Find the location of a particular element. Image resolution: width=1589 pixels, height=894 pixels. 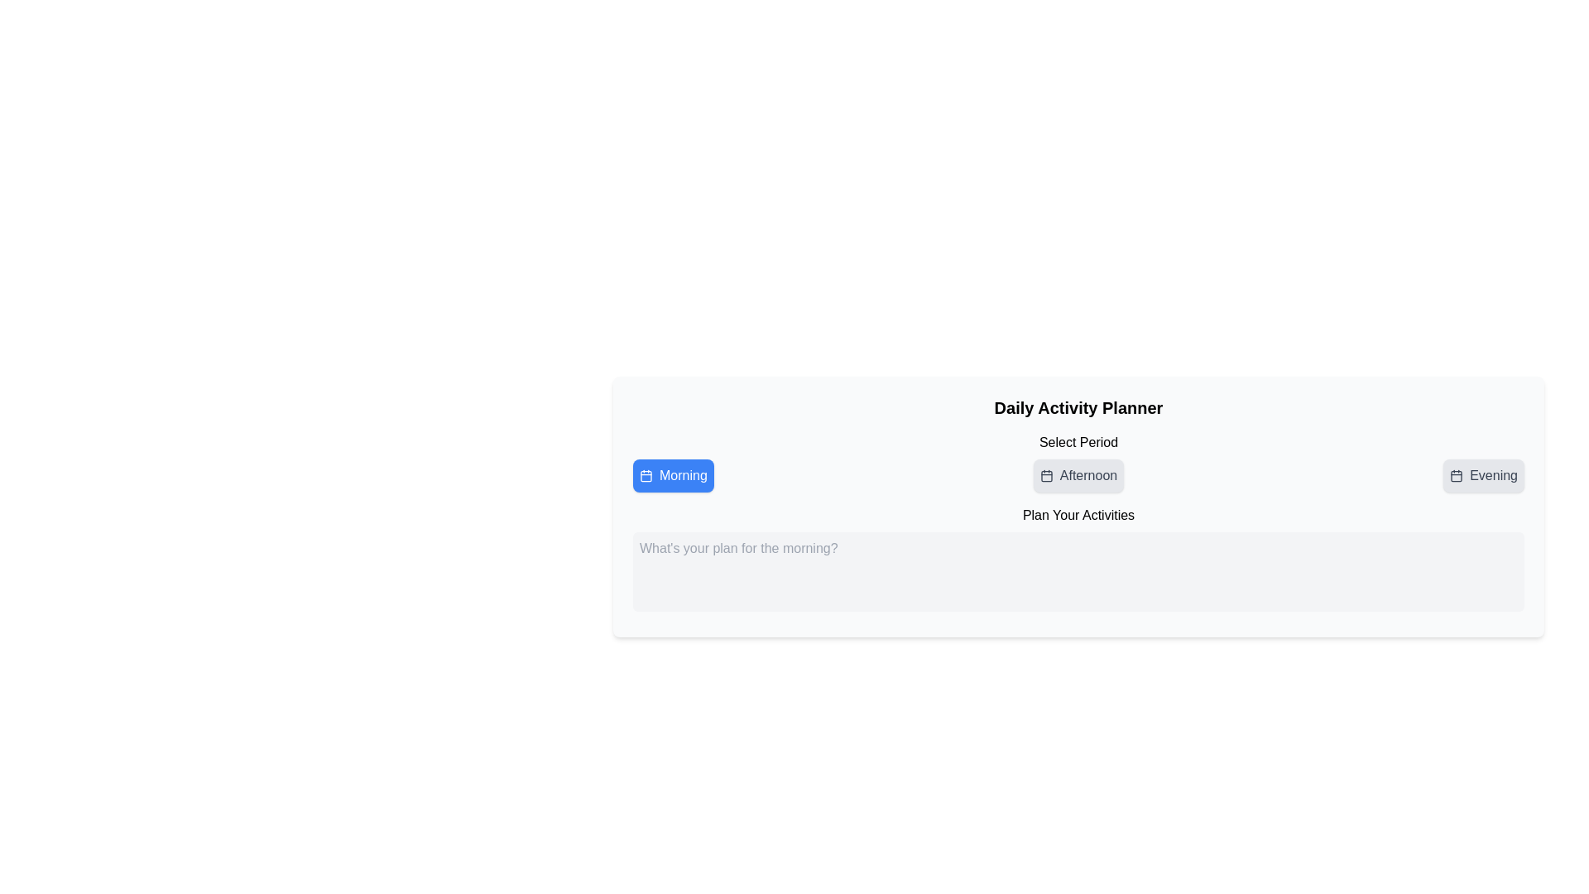

the icon related to scheduling, which is centered within the button labeled 'Afternoon', located to the left of the text is located at coordinates (1045, 475).